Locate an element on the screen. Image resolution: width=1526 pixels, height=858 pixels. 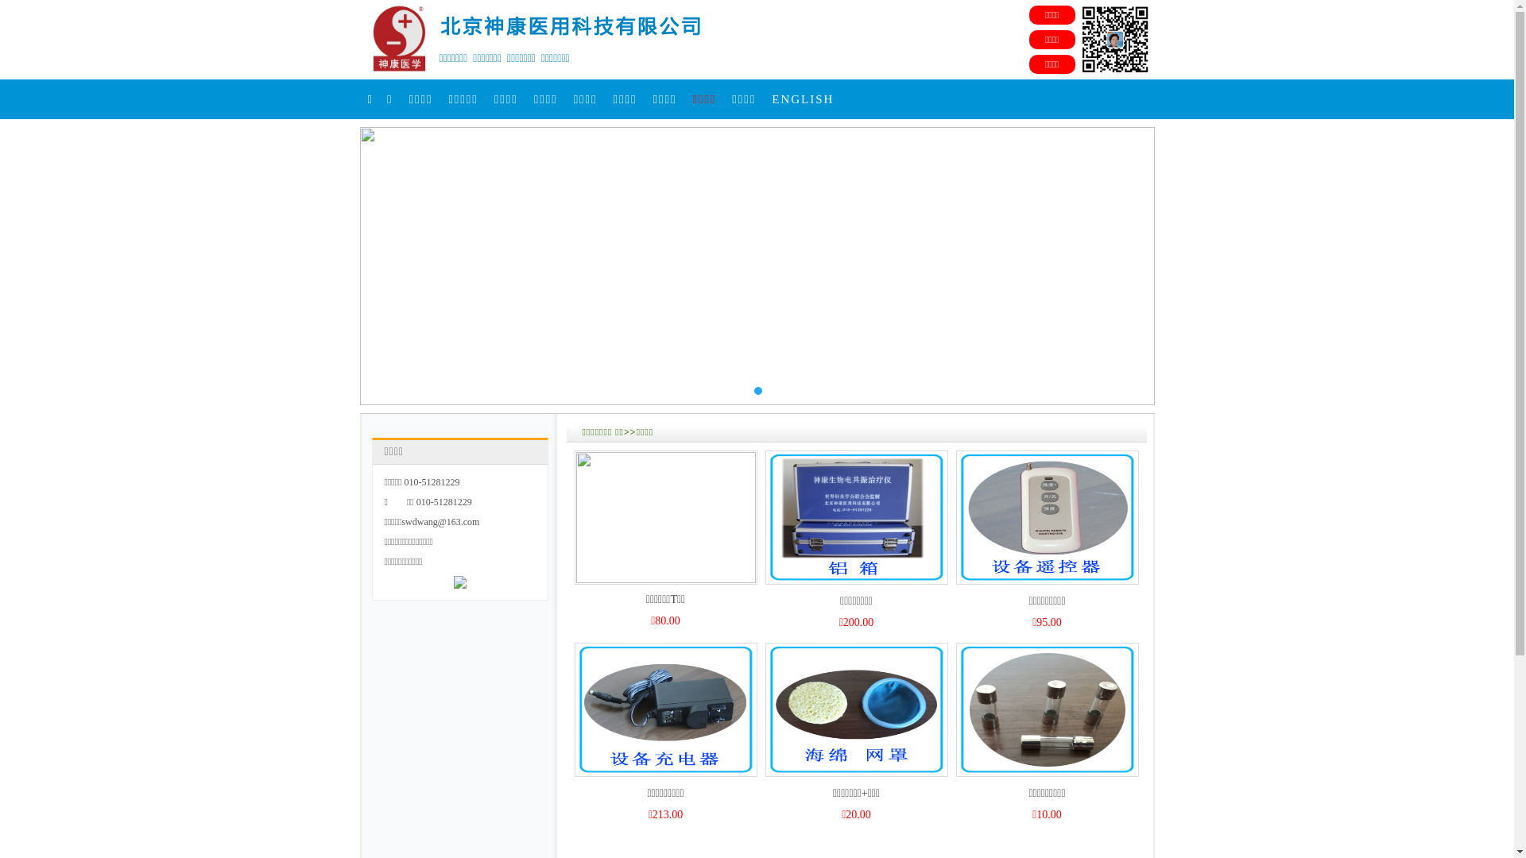
'ENGLISH' is located at coordinates (802, 99).